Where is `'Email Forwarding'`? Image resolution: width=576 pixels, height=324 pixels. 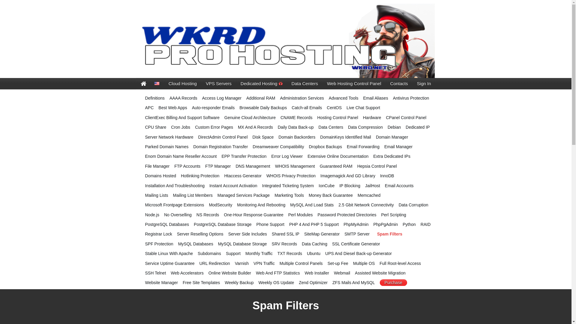 'Email Forwarding' is located at coordinates (363, 147).